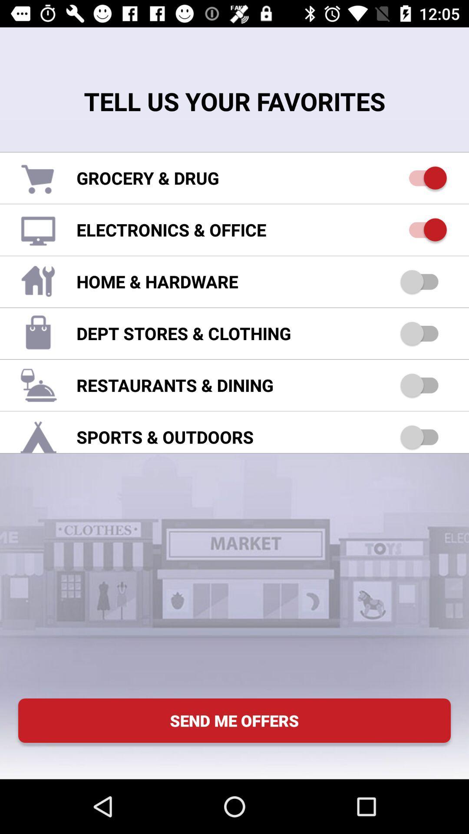 The image size is (469, 834). What do you see at coordinates (423, 333) in the screenshot?
I see `favorite department` at bounding box center [423, 333].